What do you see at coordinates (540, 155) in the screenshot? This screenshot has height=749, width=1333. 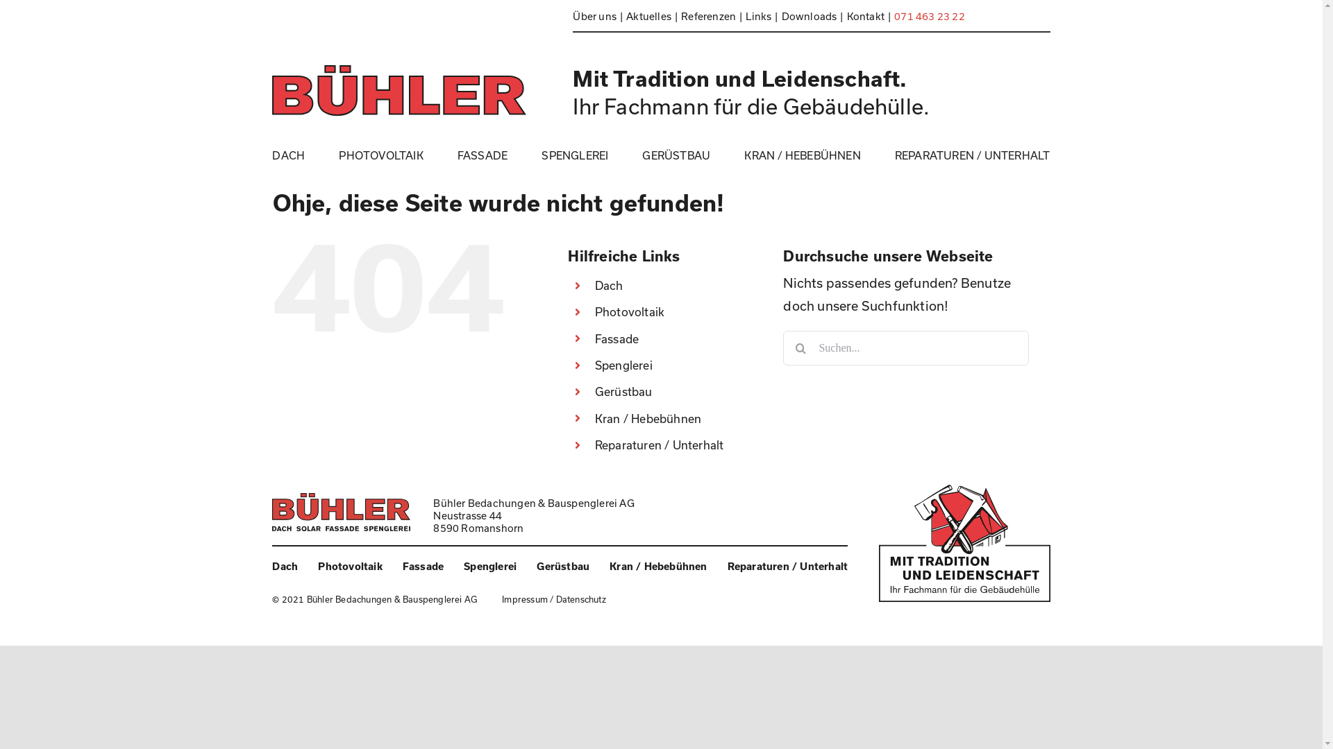 I see `'SPENGLEREI'` at bounding box center [540, 155].